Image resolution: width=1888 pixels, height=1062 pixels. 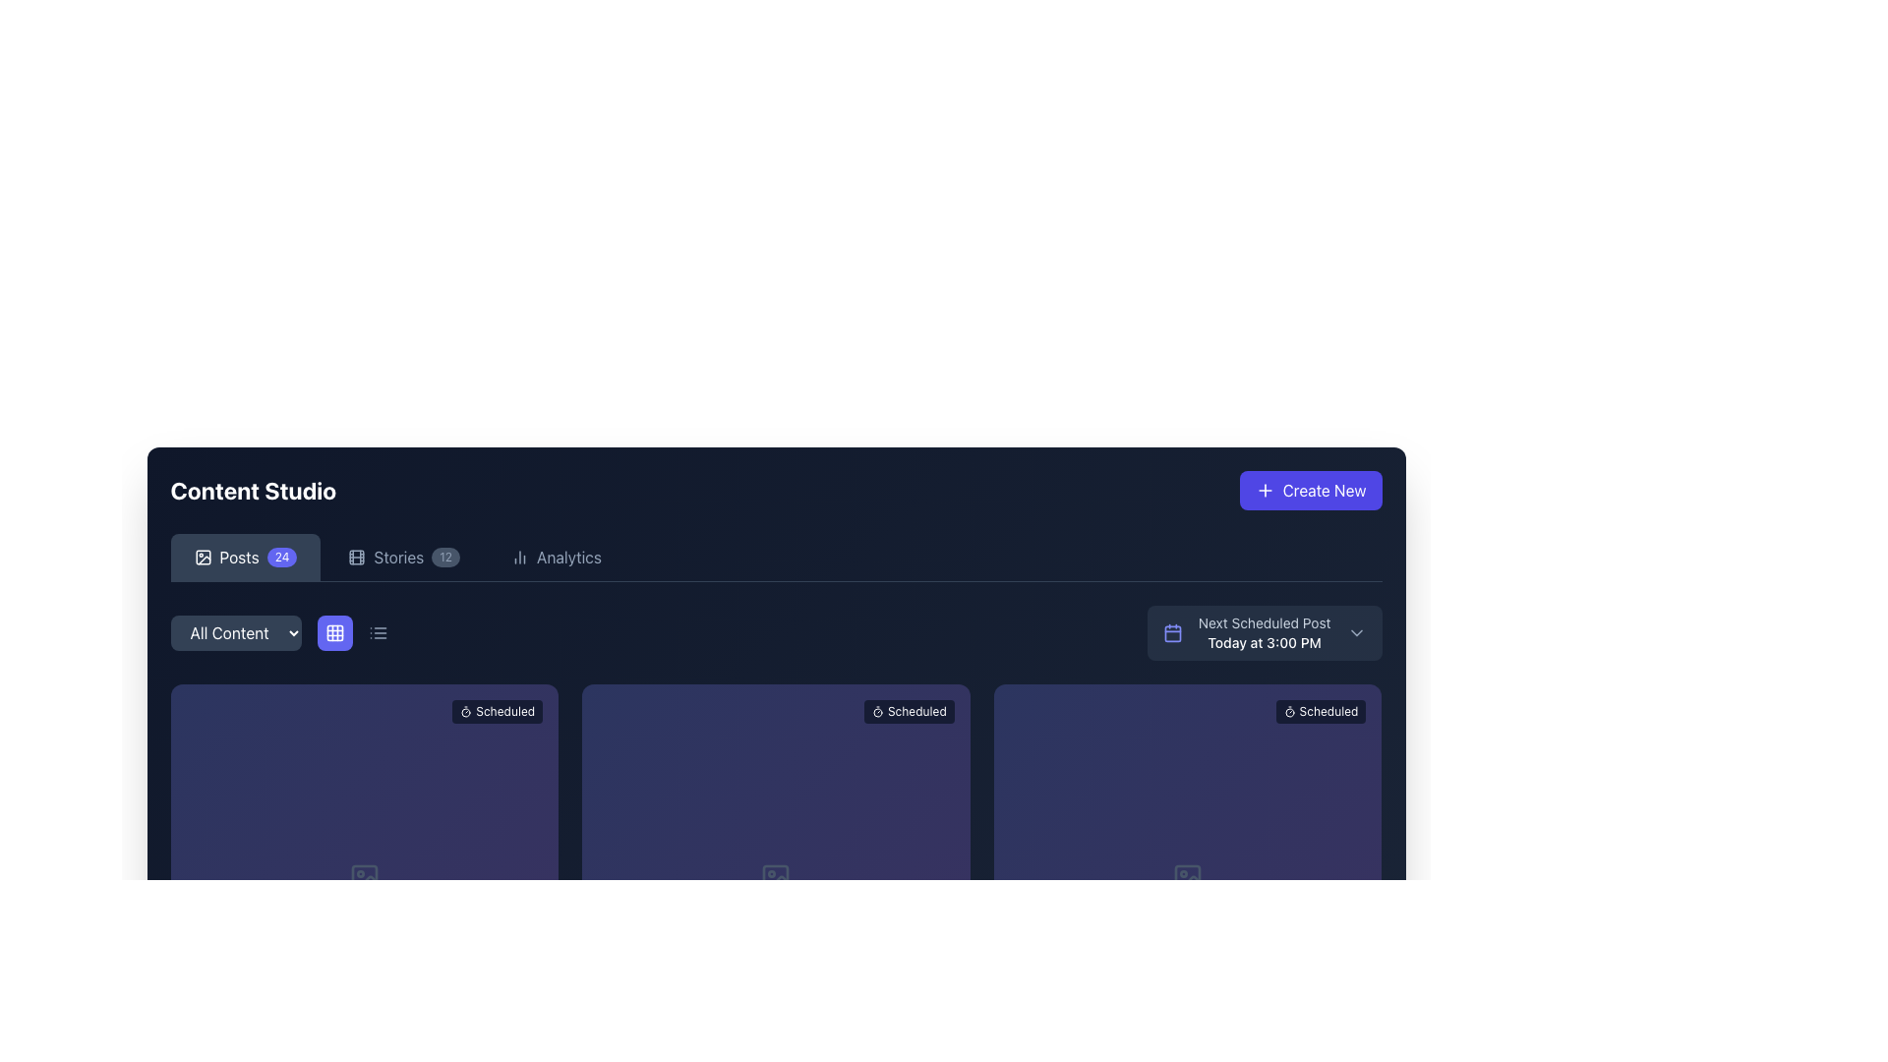 What do you see at coordinates (236, 633) in the screenshot?
I see `the dropdown selector button located beneath the 'Content Studio' header` at bounding box center [236, 633].